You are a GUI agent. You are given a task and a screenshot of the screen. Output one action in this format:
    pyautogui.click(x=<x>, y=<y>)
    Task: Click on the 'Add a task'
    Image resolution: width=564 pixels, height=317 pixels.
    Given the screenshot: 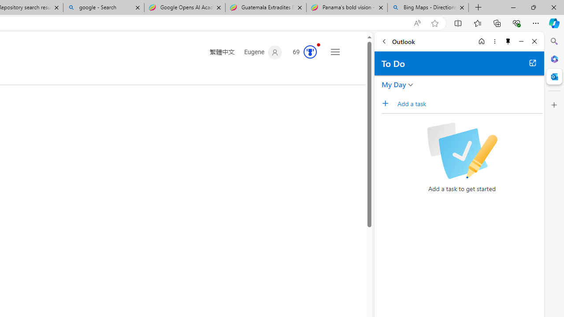 What is the action you would take?
    pyautogui.click(x=388, y=103)
    